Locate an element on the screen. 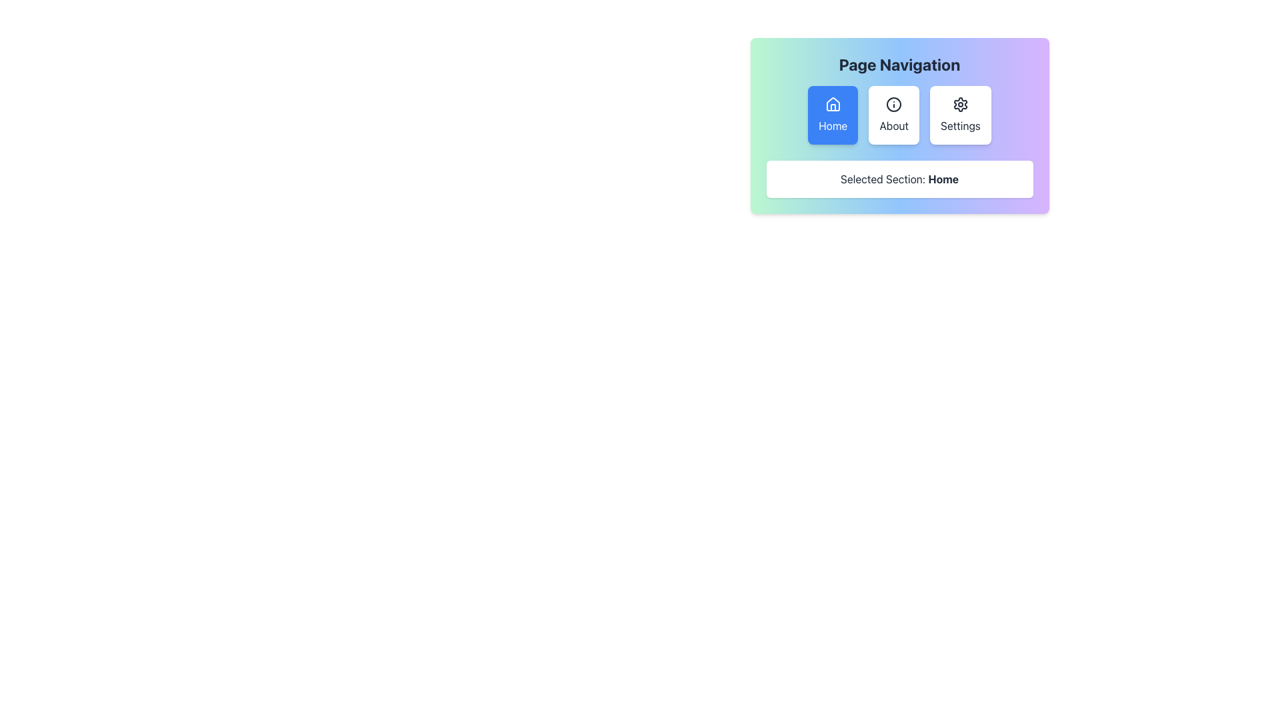 This screenshot has height=720, width=1281. the 'Home' button, which is a rectangular button with a blue background and white text, located at the top left of a group of three navigation buttons is located at coordinates (832, 115).